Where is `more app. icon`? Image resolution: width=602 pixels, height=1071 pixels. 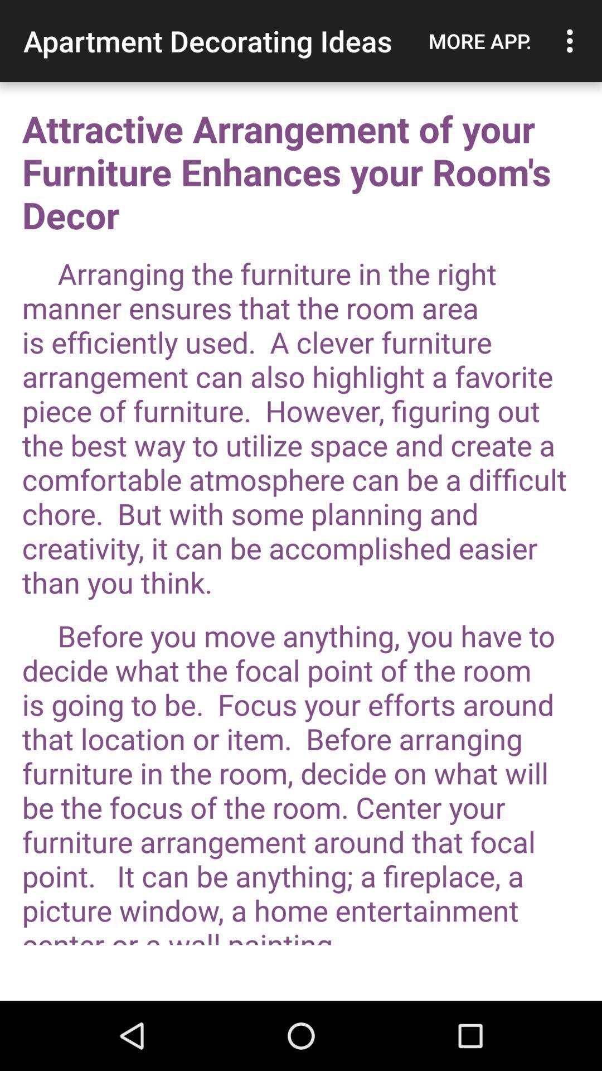 more app. icon is located at coordinates (479, 41).